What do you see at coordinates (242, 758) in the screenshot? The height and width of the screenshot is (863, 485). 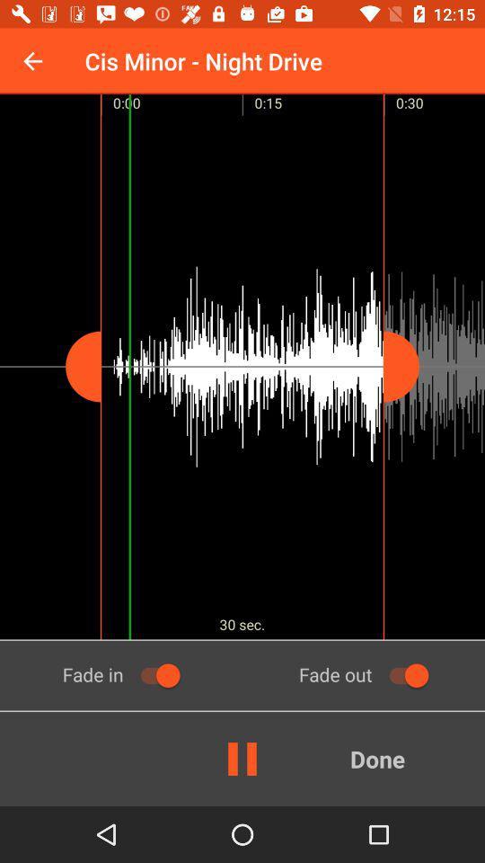 I see `the pause icon` at bounding box center [242, 758].